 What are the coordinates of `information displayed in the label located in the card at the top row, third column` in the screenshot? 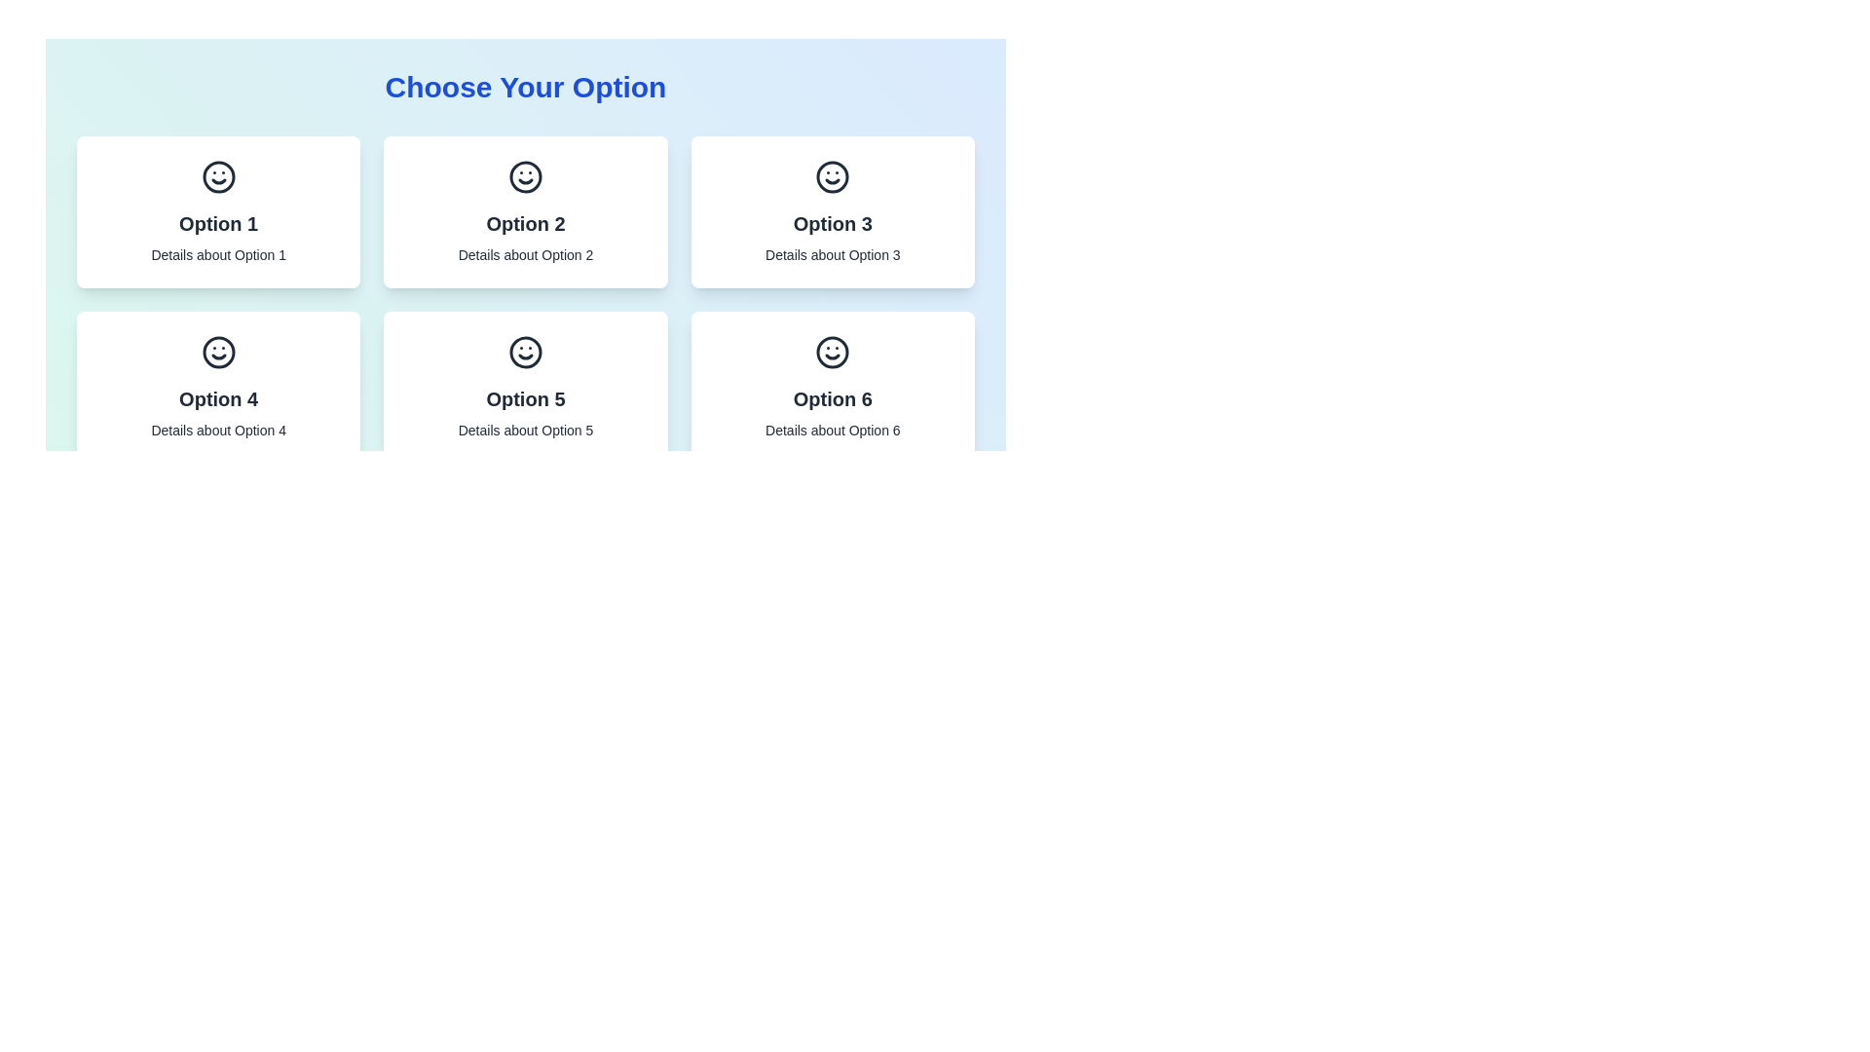 It's located at (833, 223).